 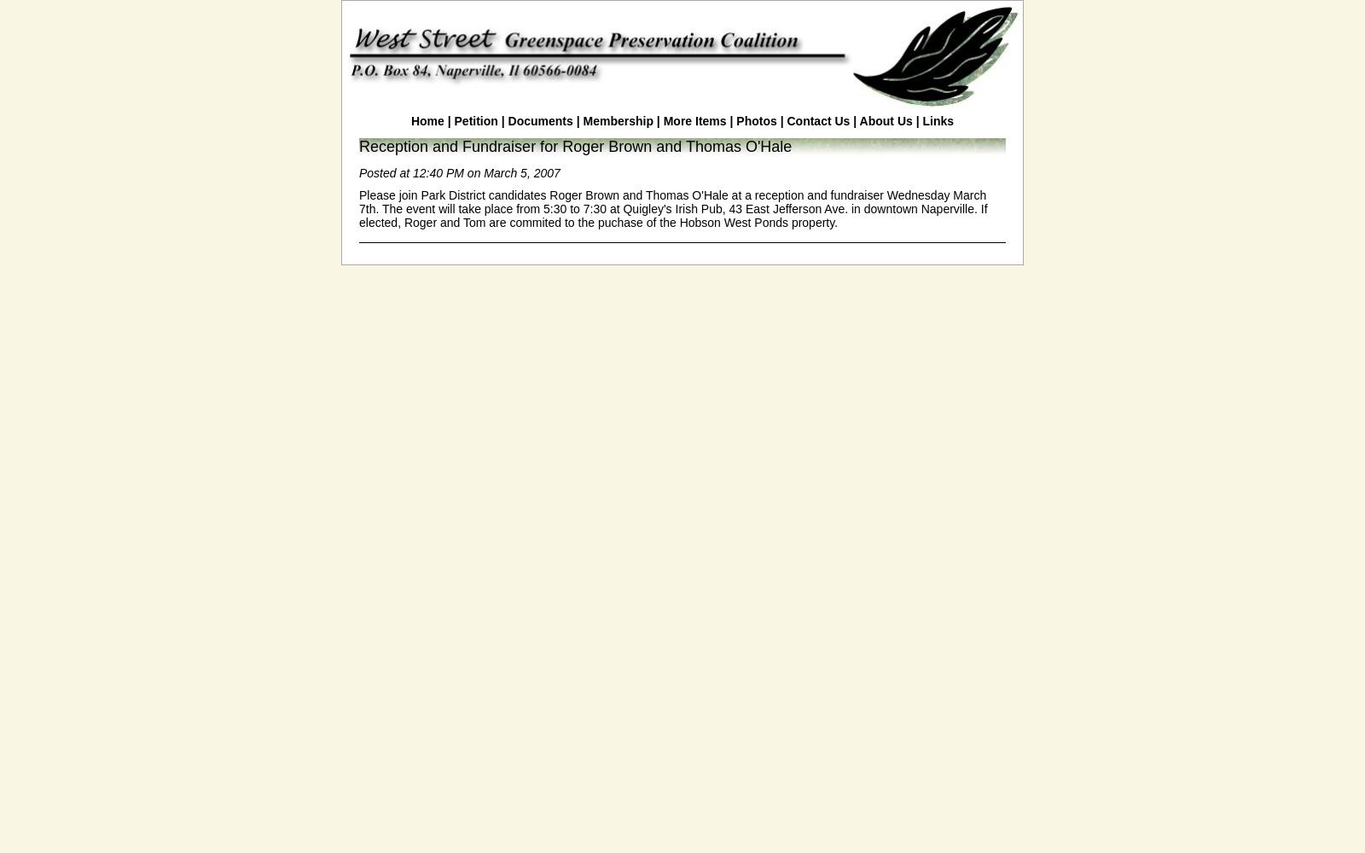 I want to click on 'Contact Us', so click(x=817, y=121).